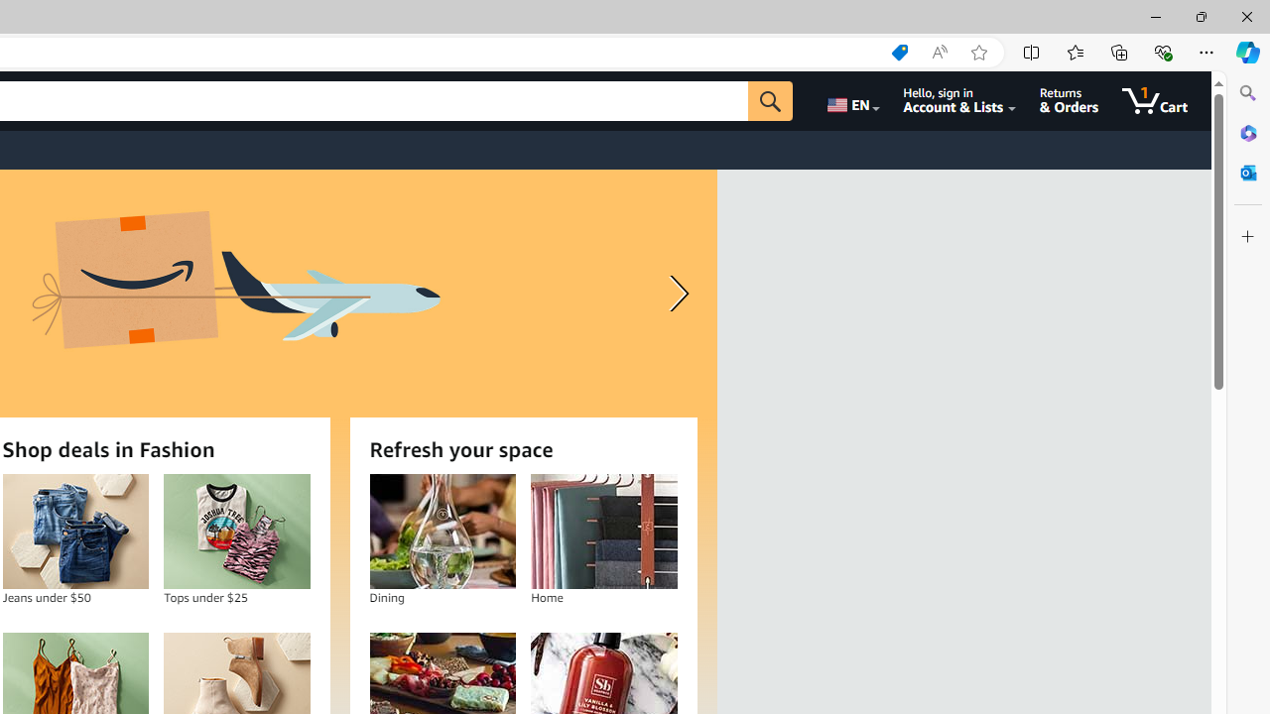  What do you see at coordinates (442, 531) in the screenshot?
I see `'Dining'` at bounding box center [442, 531].